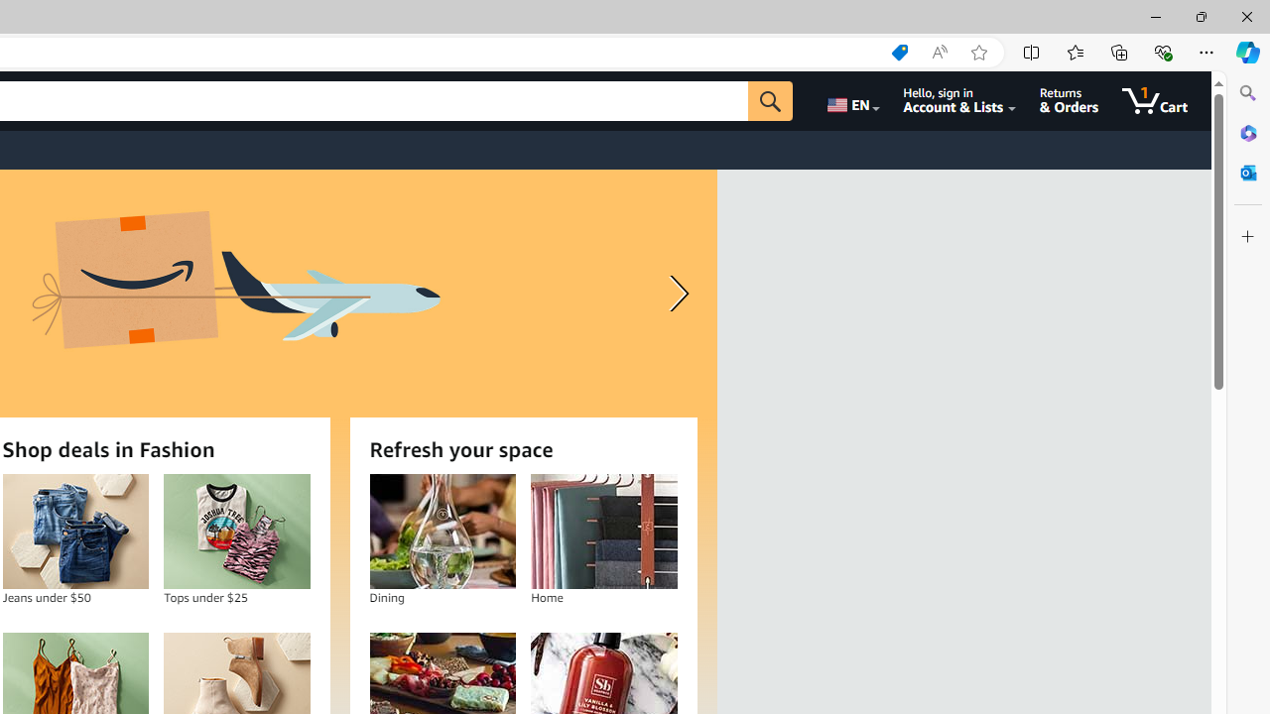  What do you see at coordinates (442, 531) in the screenshot?
I see `'Dining'` at bounding box center [442, 531].